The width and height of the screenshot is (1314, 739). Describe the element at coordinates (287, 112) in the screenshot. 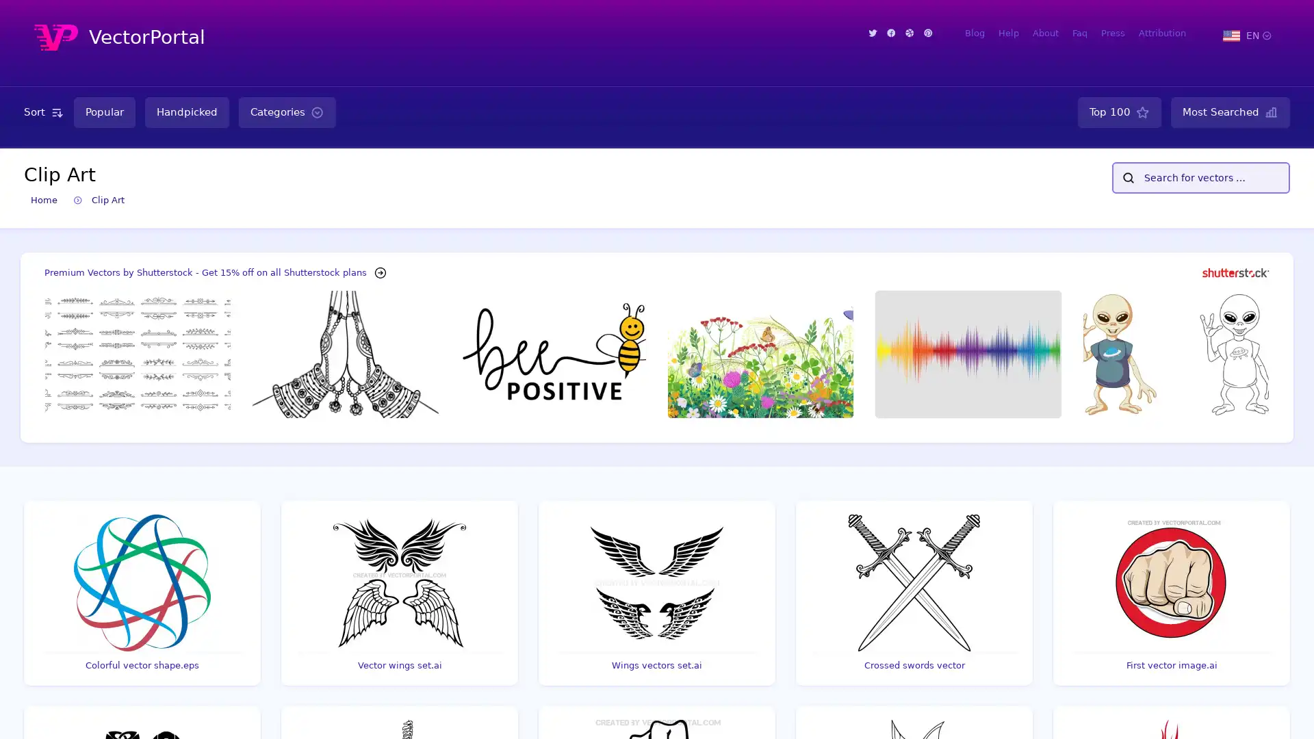

I see `Categories` at that location.